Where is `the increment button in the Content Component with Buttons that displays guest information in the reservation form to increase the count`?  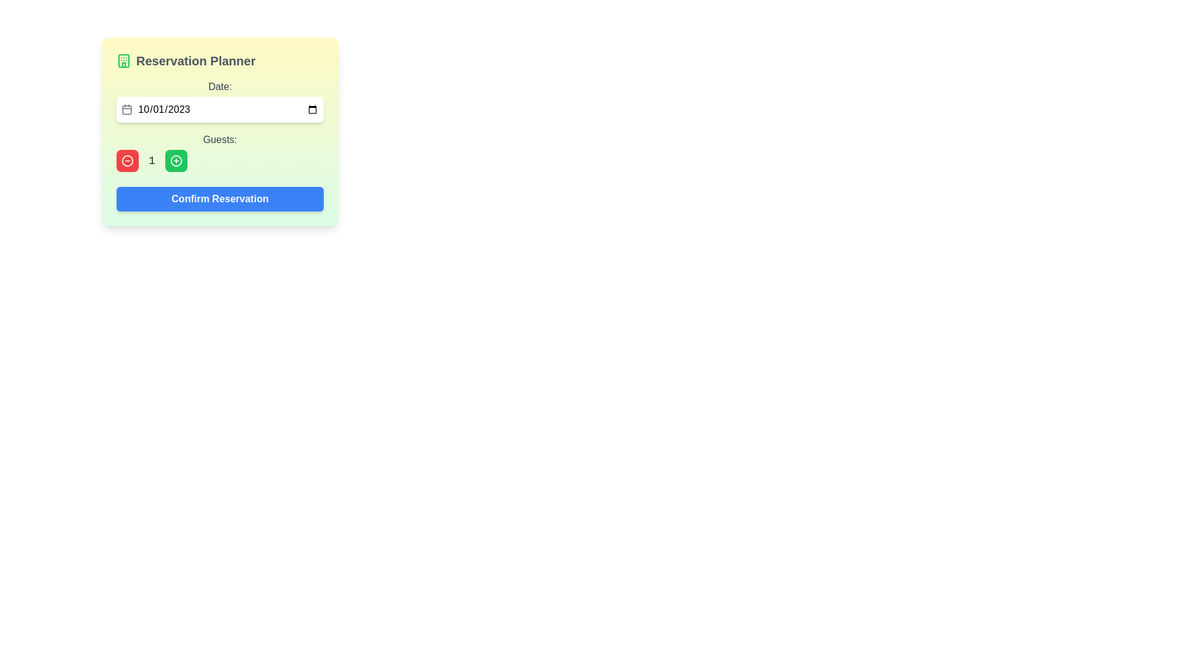 the increment button in the Content Component with Buttons that displays guest information in the reservation form to increase the count is located at coordinates (220, 151).